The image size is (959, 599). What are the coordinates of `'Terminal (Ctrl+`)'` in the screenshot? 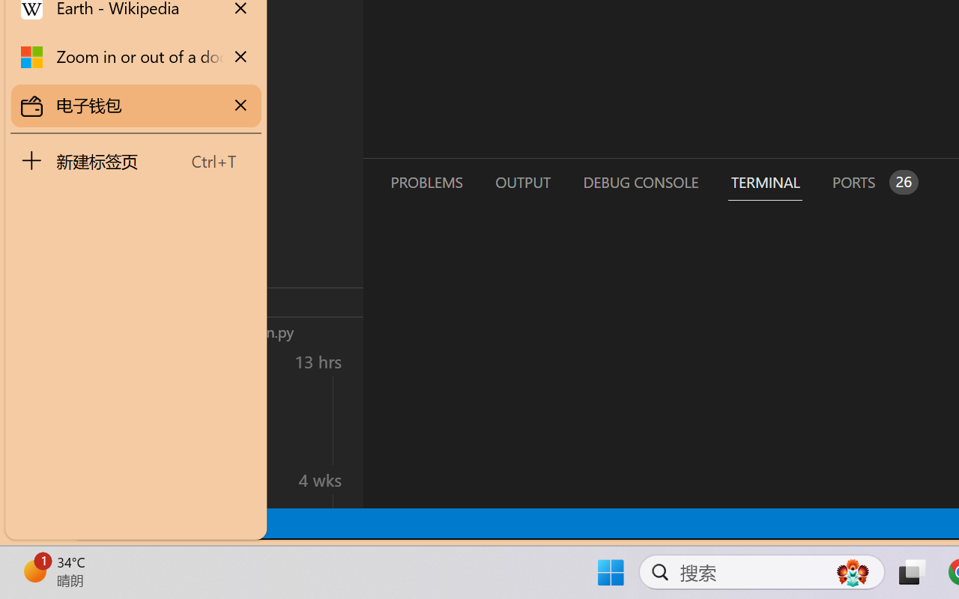 It's located at (765, 181).